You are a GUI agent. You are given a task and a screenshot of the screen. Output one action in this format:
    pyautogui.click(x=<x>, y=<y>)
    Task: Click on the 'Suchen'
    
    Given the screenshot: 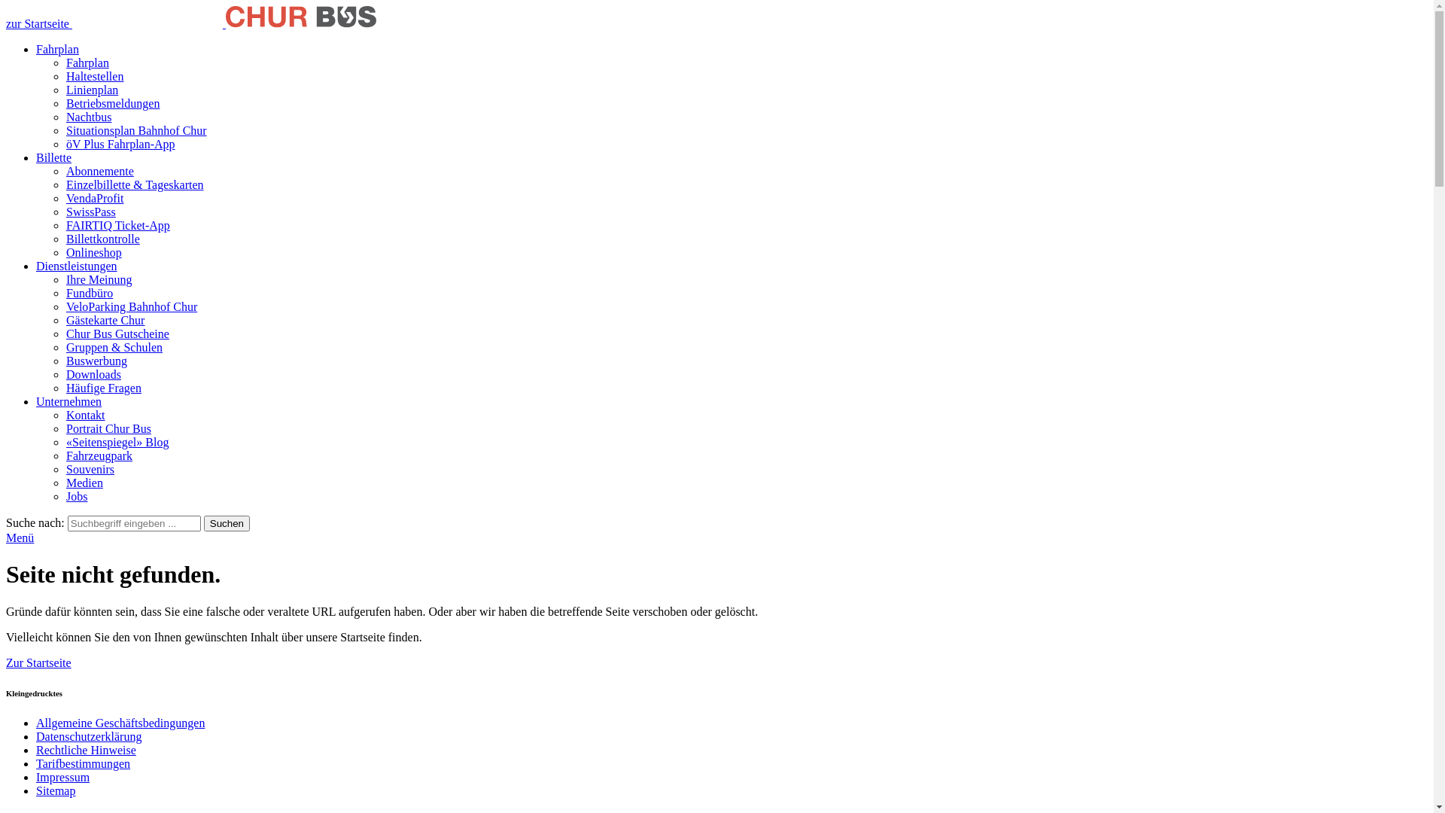 What is the action you would take?
    pyautogui.click(x=226, y=522)
    